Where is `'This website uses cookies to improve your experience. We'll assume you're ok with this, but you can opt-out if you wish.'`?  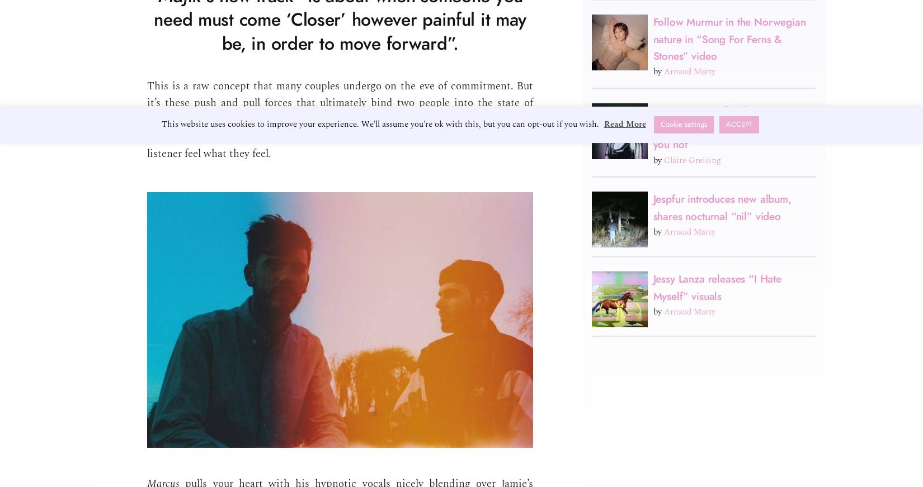 'This website uses cookies to improve your experience. We'll assume you're ok with this, but you can opt-out if you wish.' is located at coordinates (380, 123).